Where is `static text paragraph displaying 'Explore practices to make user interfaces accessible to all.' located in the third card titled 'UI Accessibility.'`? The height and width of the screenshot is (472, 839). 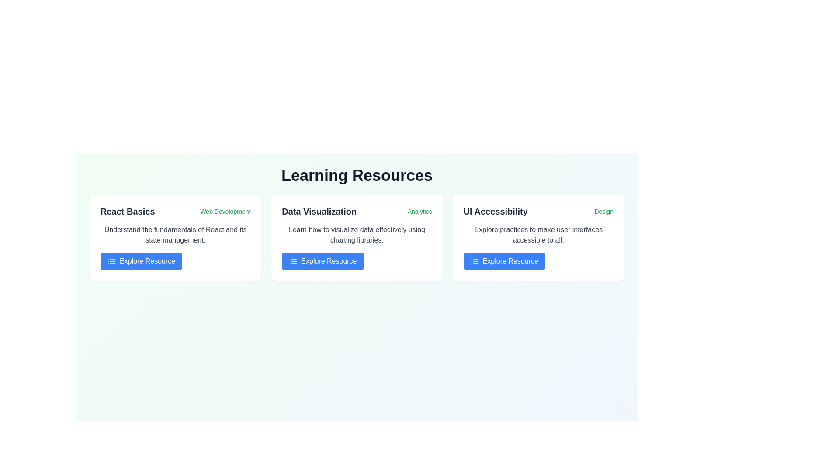
static text paragraph displaying 'Explore practices to make user interfaces accessible to all.' located in the third card titled 'UI Accessibility.' is located at coordinates (538, 234).